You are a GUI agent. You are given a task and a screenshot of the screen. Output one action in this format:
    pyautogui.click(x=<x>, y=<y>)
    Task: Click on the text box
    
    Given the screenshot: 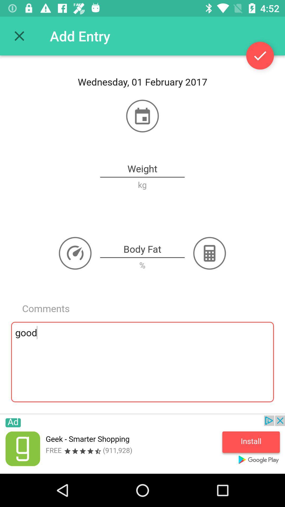 What is the action you would take?
    pyautogui.click(x=142, y=249)
    